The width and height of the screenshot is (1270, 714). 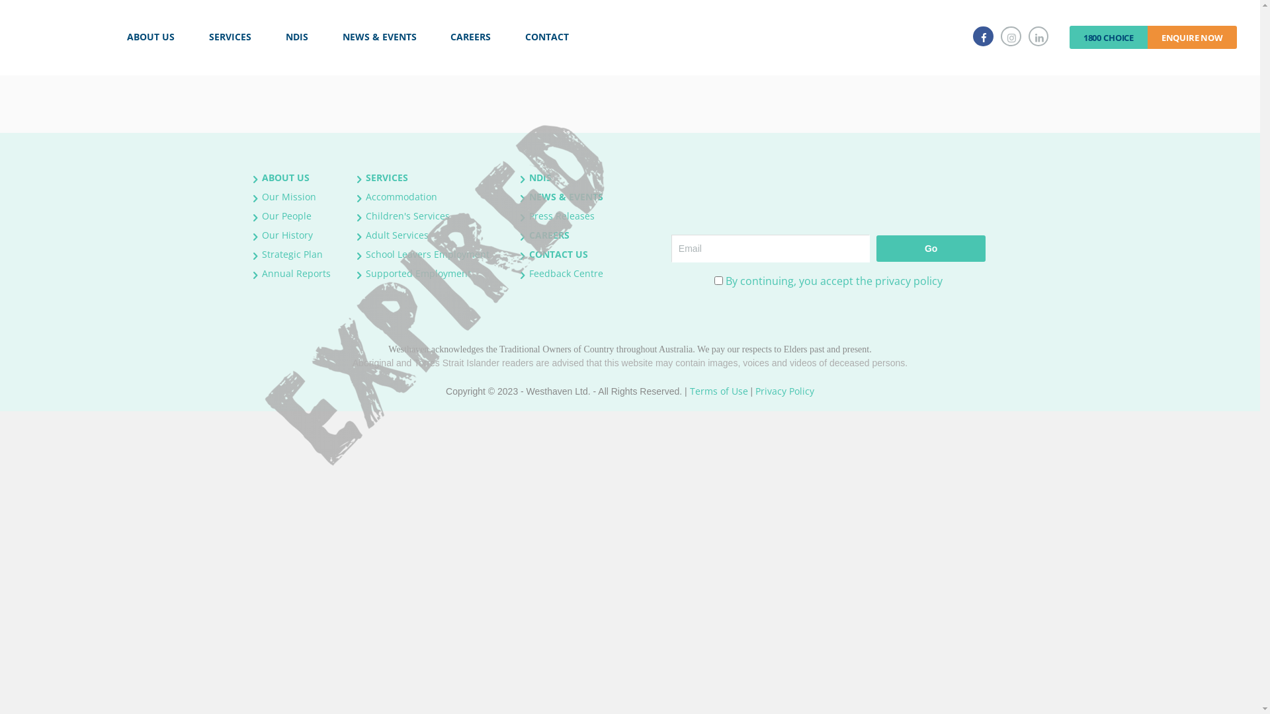 What do you see at coordinates (833, 280) in the screenshot?
I see `'By continuing, you accept the privacy policy'` at bounding box center [833, 280].